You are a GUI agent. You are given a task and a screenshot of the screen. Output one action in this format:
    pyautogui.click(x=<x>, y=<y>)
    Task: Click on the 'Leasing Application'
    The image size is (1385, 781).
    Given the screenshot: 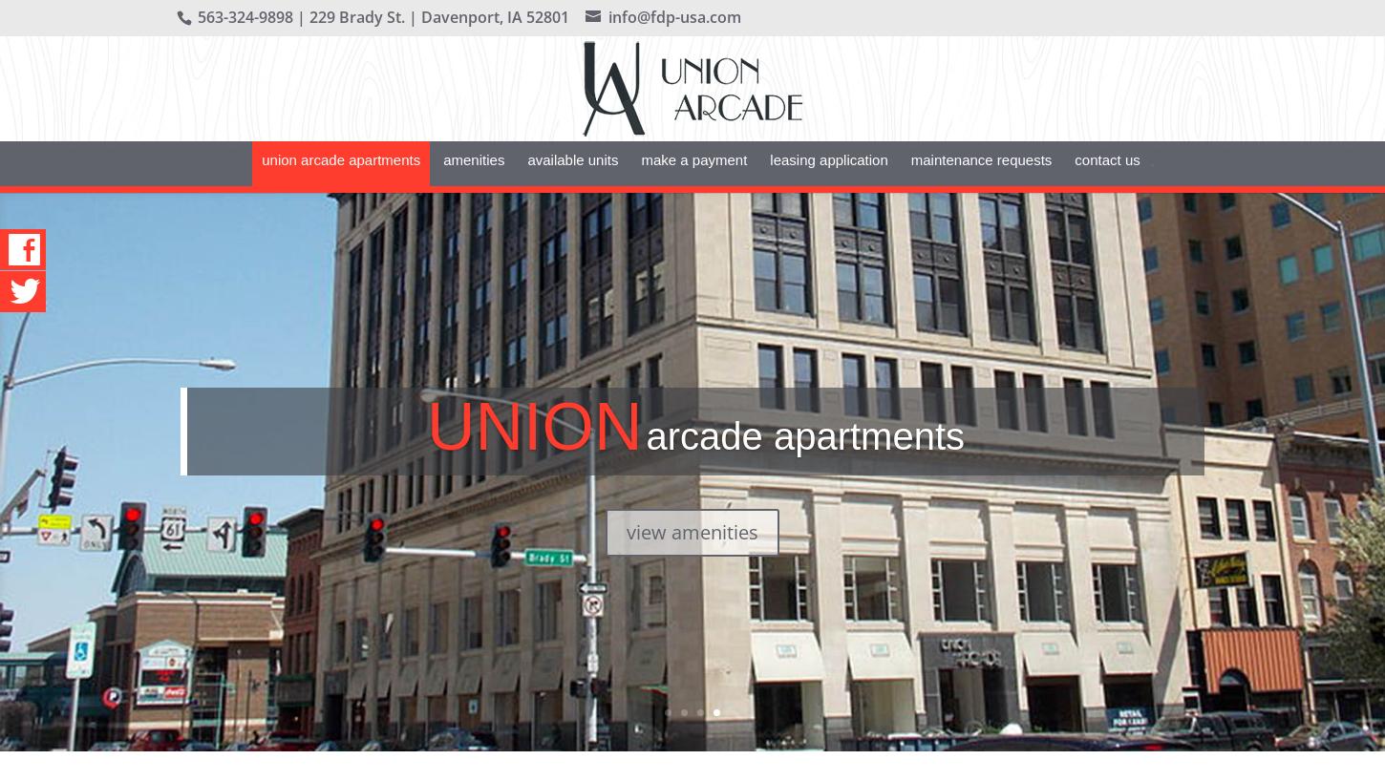 What is the action you would take?
    pyautogui.click(x=827, y=187)
    